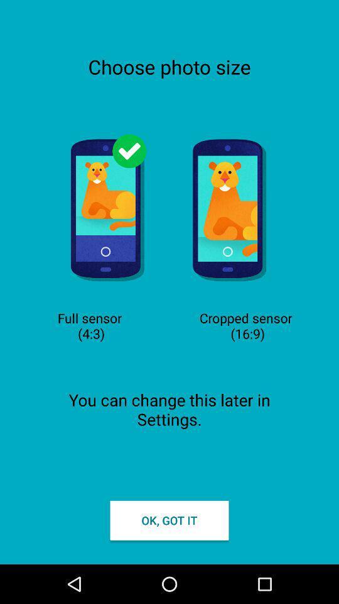  Describe the element at coordinates (169, 520) in the screenshot. I see `app below you can change icon` at that location.